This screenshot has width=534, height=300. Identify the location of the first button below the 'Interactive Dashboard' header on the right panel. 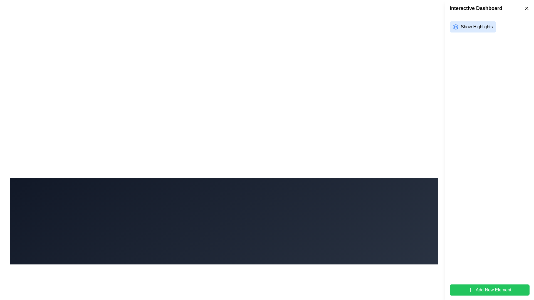
(489, 27).